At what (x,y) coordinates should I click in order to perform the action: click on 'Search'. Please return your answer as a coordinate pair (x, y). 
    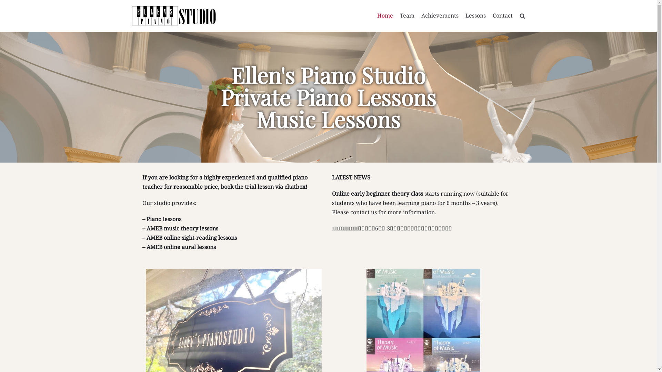
    Looking at the image, I should click on (510, 31).